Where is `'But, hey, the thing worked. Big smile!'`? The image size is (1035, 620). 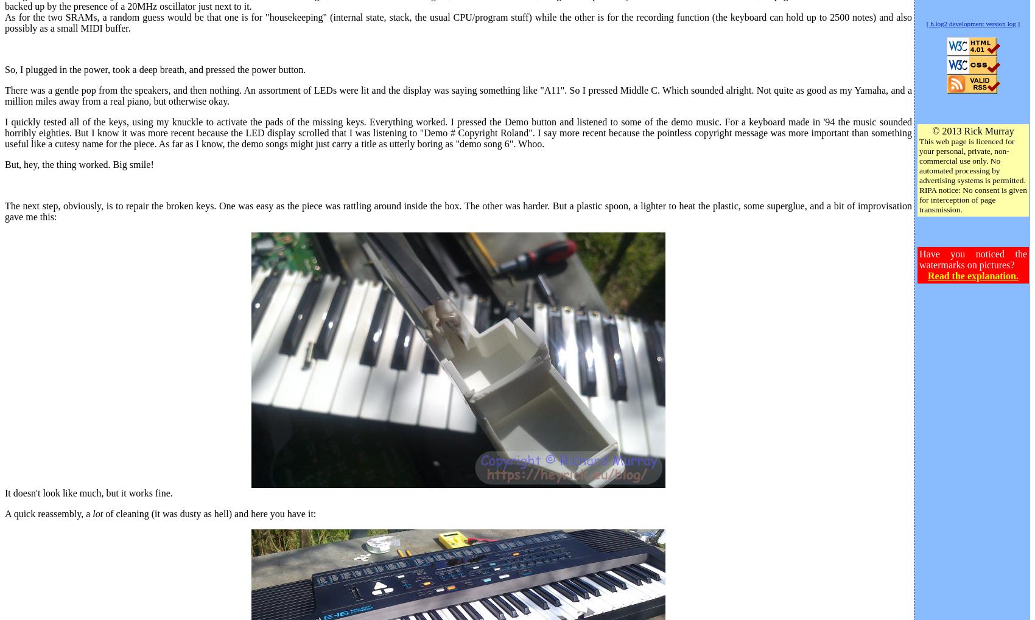 'But, hey, the thing worked. Big smile!' is located at coordinates (4, 164).